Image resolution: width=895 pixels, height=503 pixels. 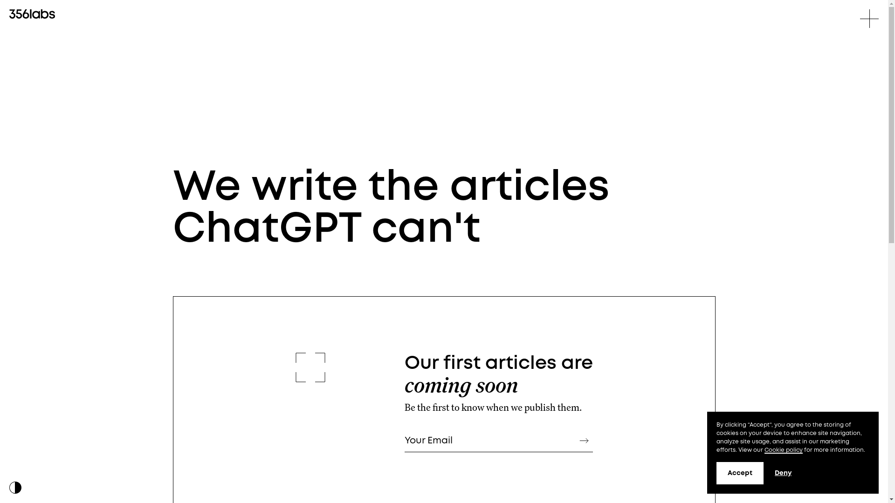 I want to click on 'Cookie policy', so click(x=783, y=450).